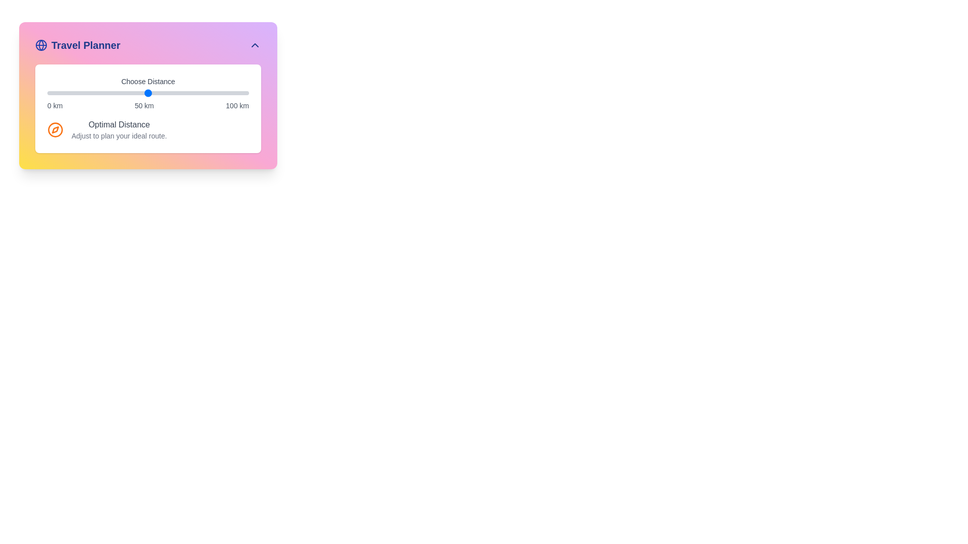 The width and height of the screenshot is (968, 544). Describe the element at coordinates (55, 129) in the screenshot. I see `the SVG circle graphic that is part of the compass icon located in the 'Optimal Distance' section of the 'Travel Planner' card` at that location.